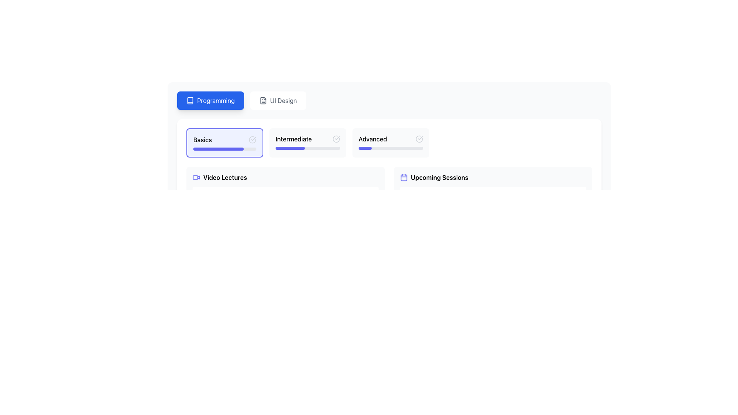 This screenshot has height=415, width=738. Describe the element at coordinates (336, 139) in the screenshot. I see `the status indicator for the 'Intermediate' section, which is located on the right-hand side of the 'Intermediate' label within a horizontal panel` at that location.